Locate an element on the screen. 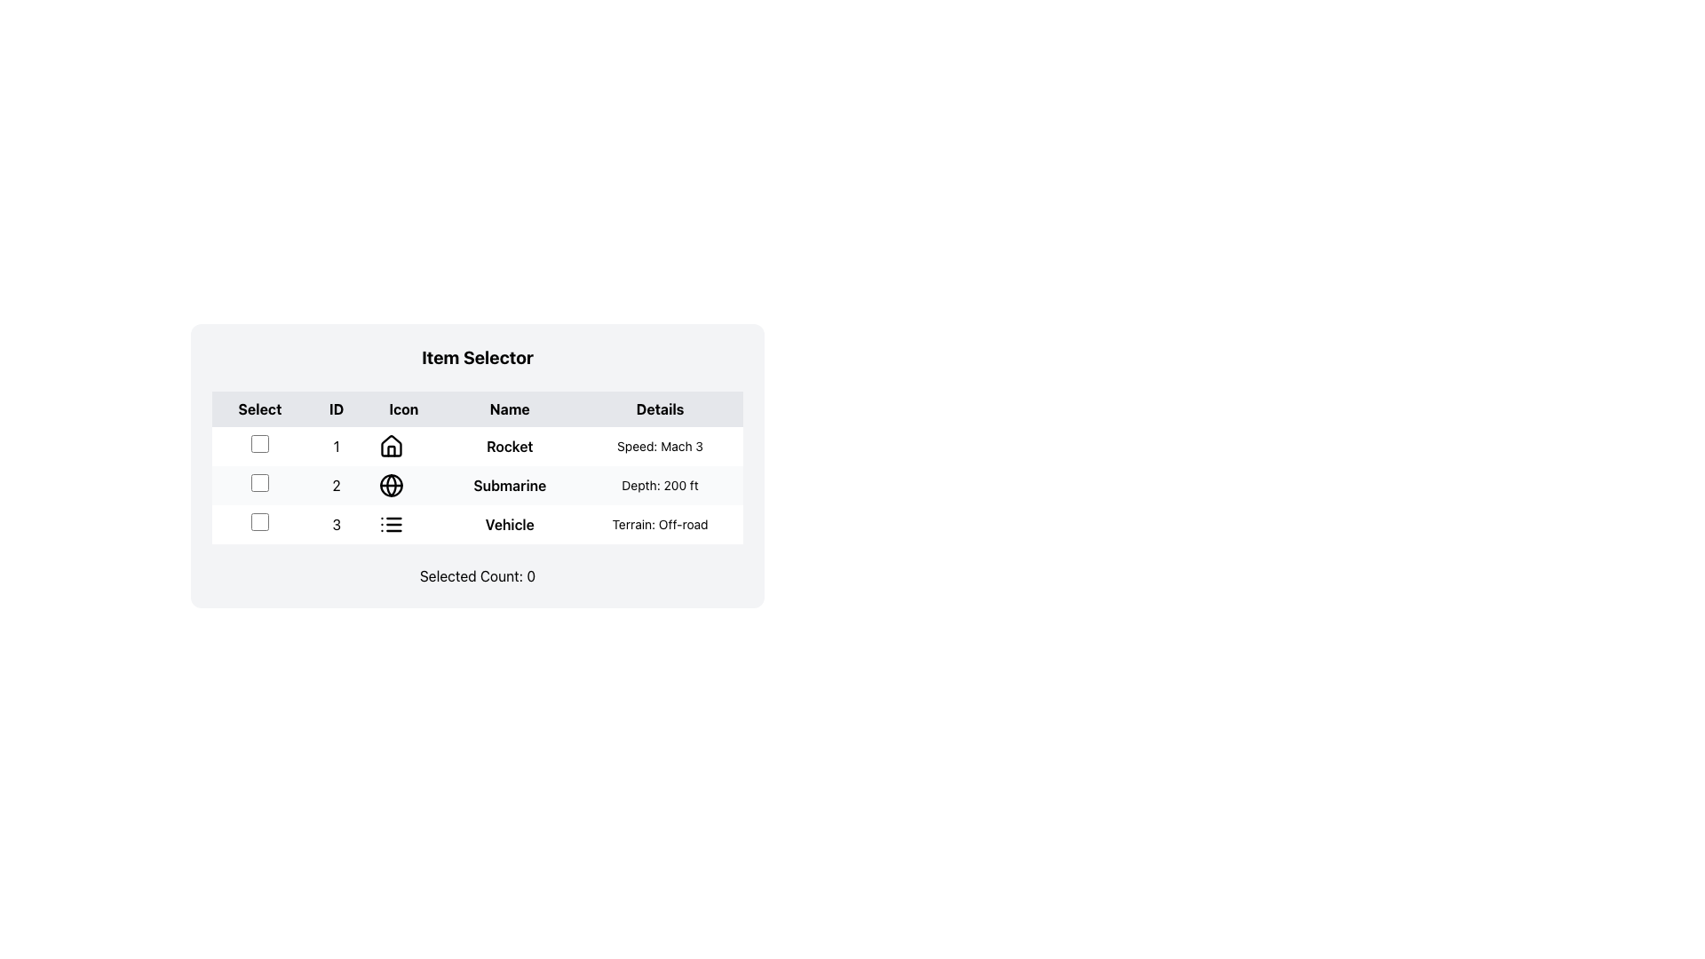 The height and width of the screenshot is (959, 1705). text component displaying 'Selected Count: 0' located at the bottom of the user interface box, below the table structure is located at coordinates (477, 575).